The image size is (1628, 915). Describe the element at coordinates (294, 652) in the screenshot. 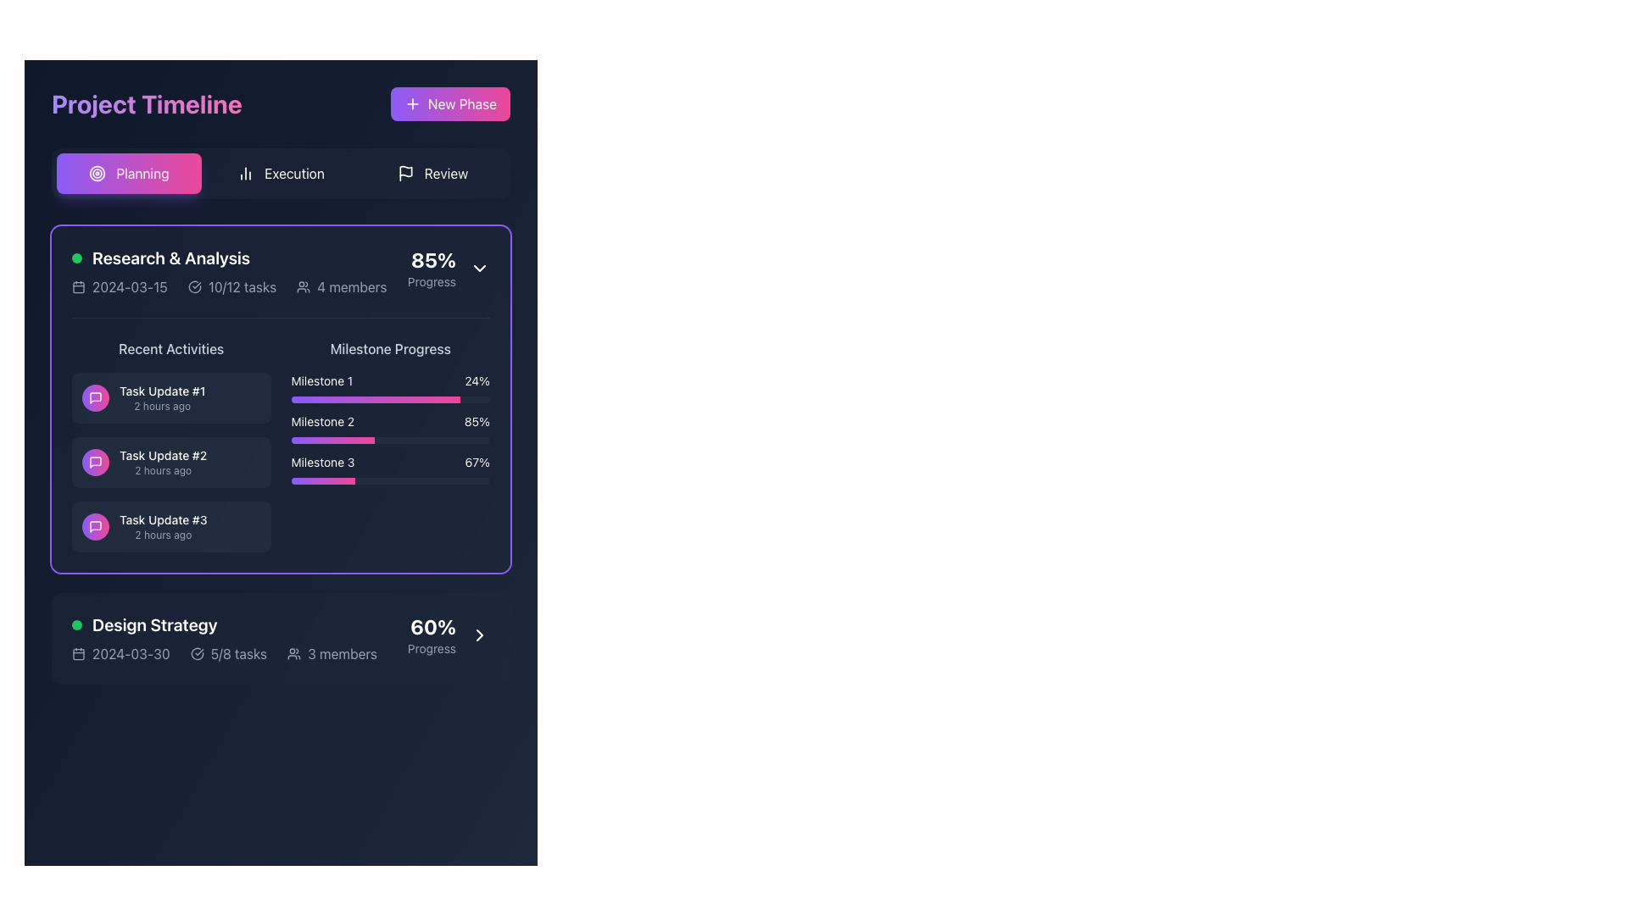

I see `the team members icon located in the 'Design Strategy' milestone section, positioned to the left of the text '3 members' and below '5/8 tasks'` at that location.